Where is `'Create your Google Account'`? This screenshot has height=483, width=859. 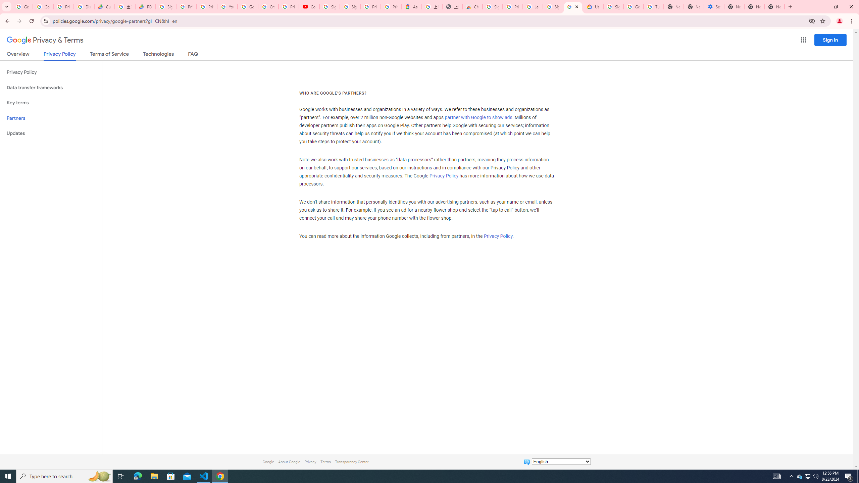
'Create your Google Account' is located at coordinates (268, 6).